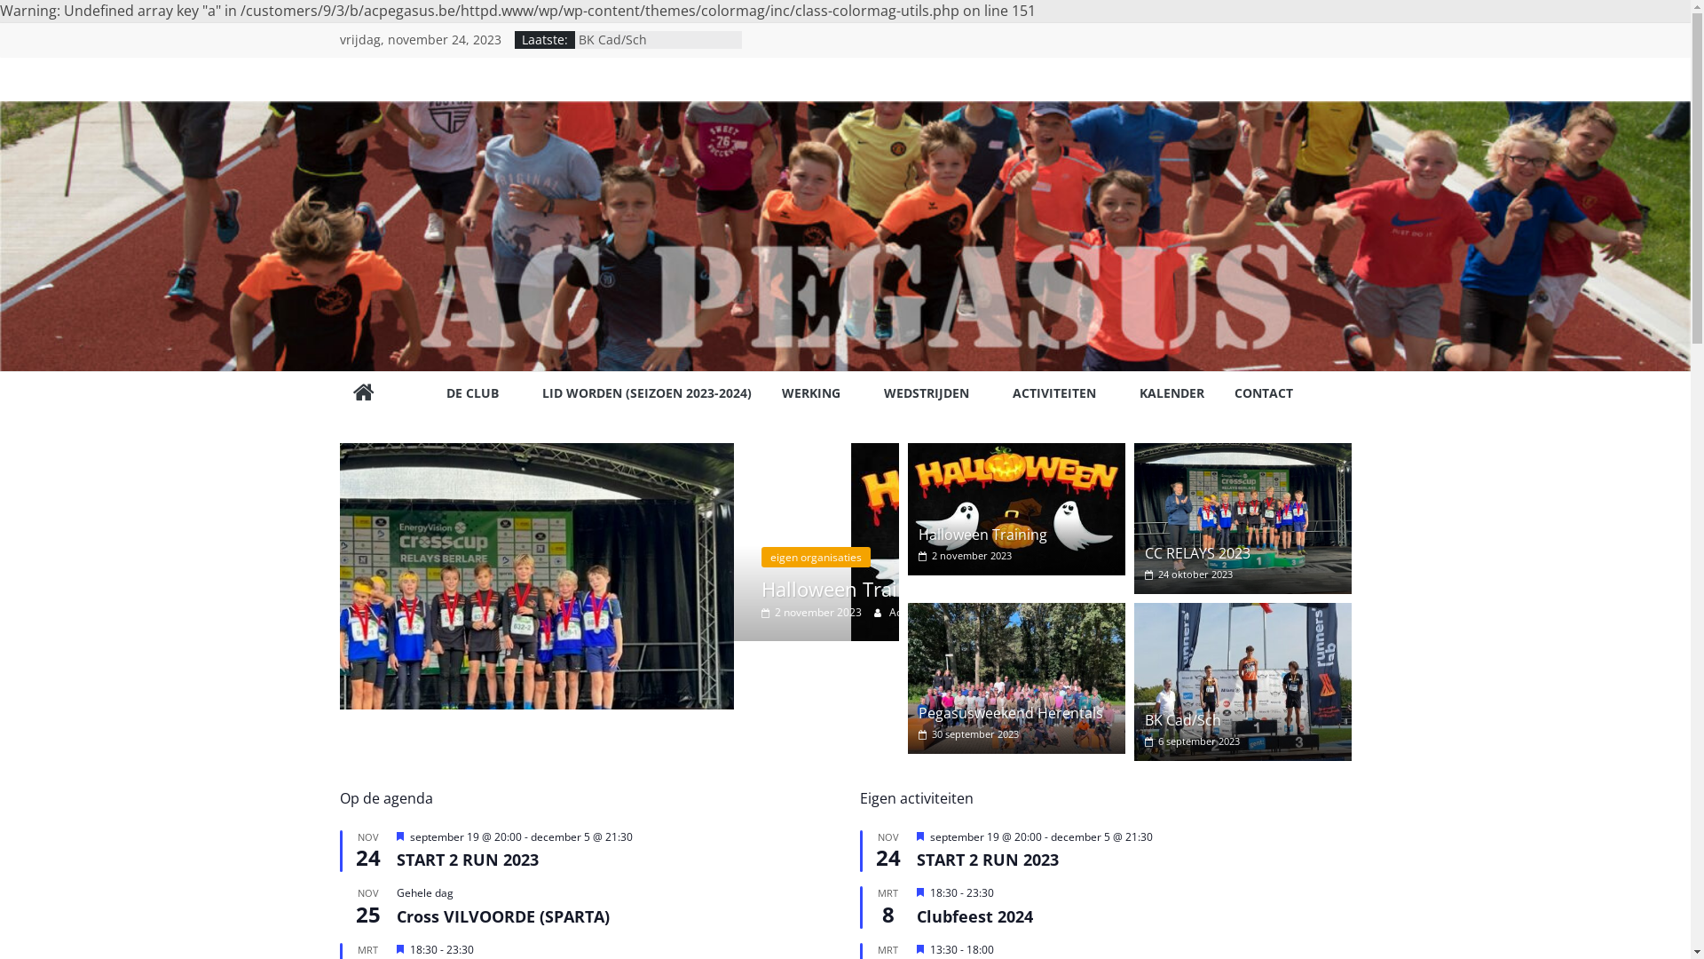 The width and height of the screenshot is (1704, 959). I want to click on 'ACTIVITEITEN', so click(1012, 392).